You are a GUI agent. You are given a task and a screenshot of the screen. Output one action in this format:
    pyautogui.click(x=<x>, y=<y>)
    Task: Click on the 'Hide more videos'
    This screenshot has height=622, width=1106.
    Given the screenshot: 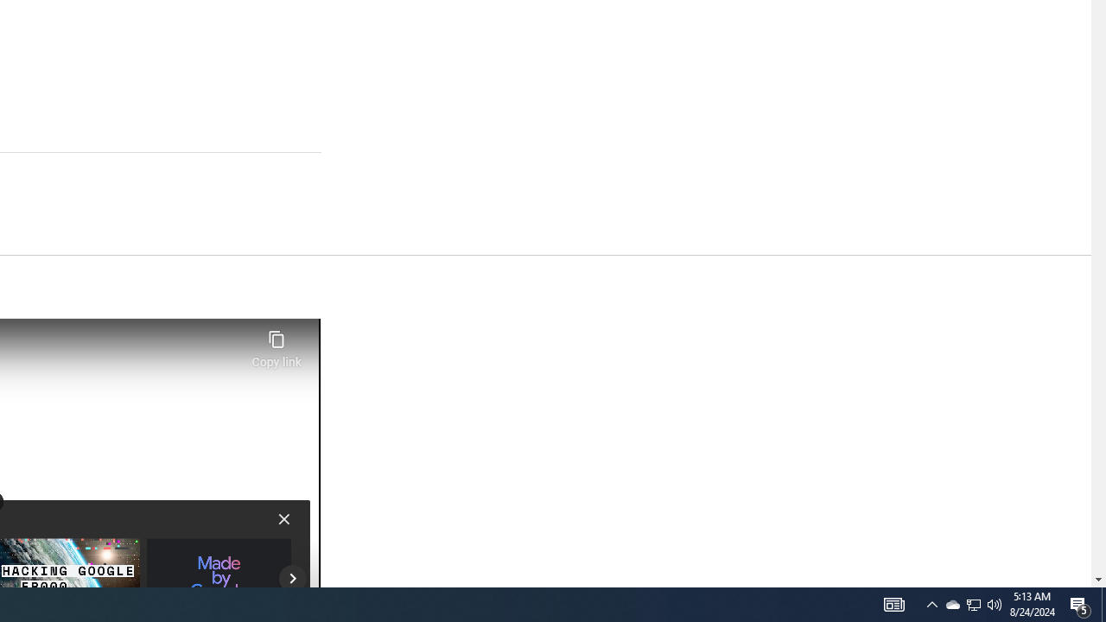 What is the action you would take?
    pyautogui.click(x=283, y=517)
    